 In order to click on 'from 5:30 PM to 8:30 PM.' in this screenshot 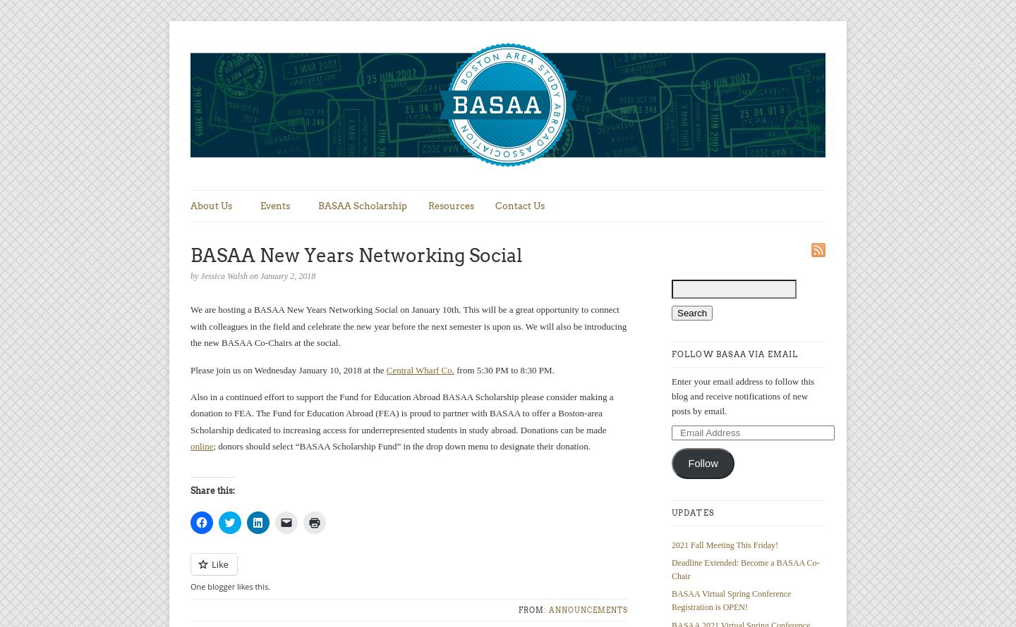, I will do `click(503, 368)`.